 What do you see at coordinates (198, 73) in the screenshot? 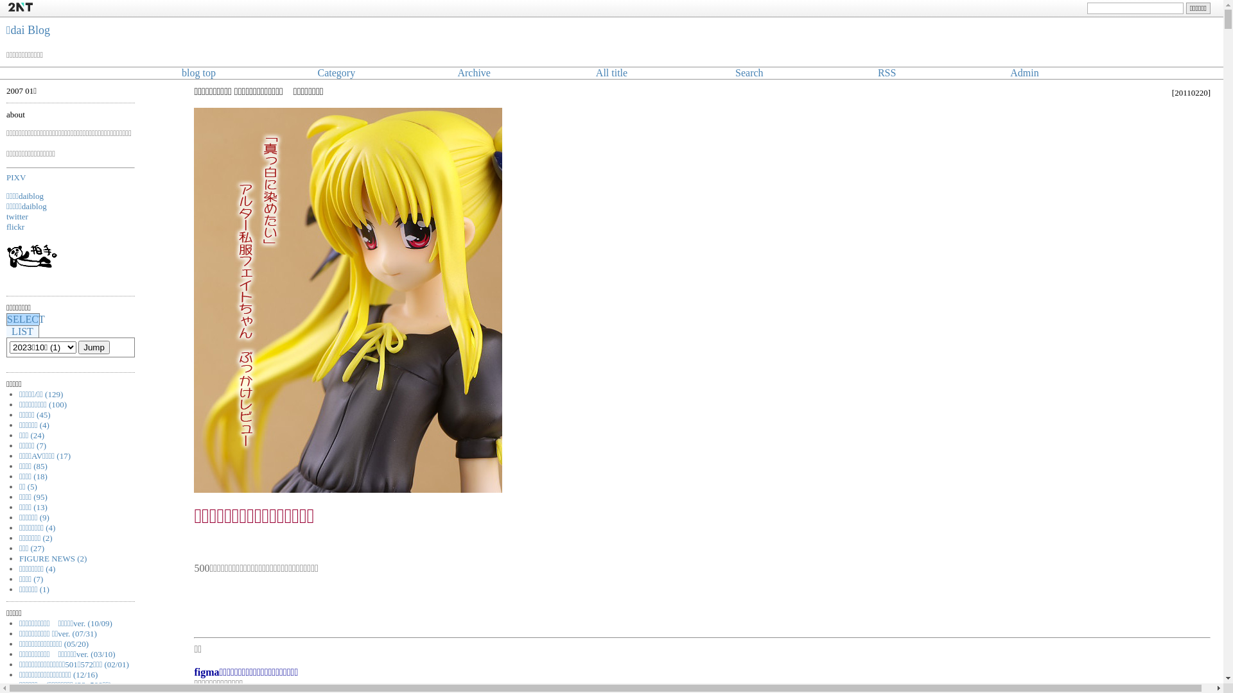
I see `'blog top'` at bounding box center [198, 73].